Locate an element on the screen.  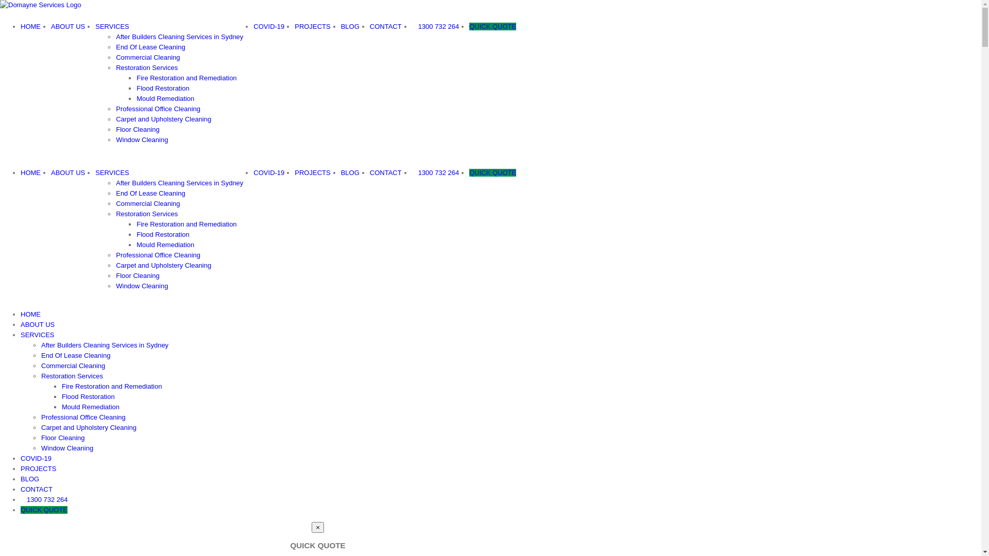
'COVID-19' is located at coordinates (36, 458).